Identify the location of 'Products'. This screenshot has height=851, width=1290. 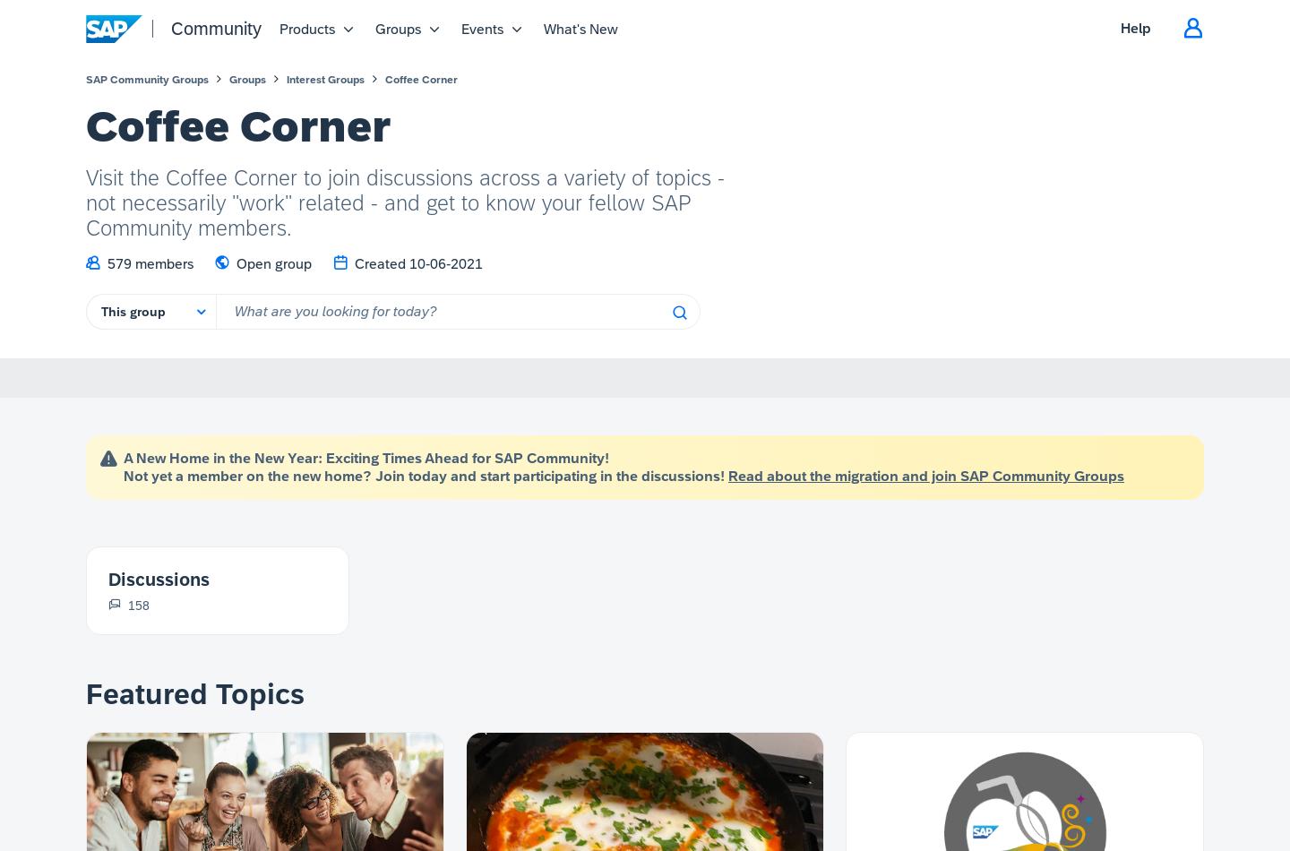
(307, 28).